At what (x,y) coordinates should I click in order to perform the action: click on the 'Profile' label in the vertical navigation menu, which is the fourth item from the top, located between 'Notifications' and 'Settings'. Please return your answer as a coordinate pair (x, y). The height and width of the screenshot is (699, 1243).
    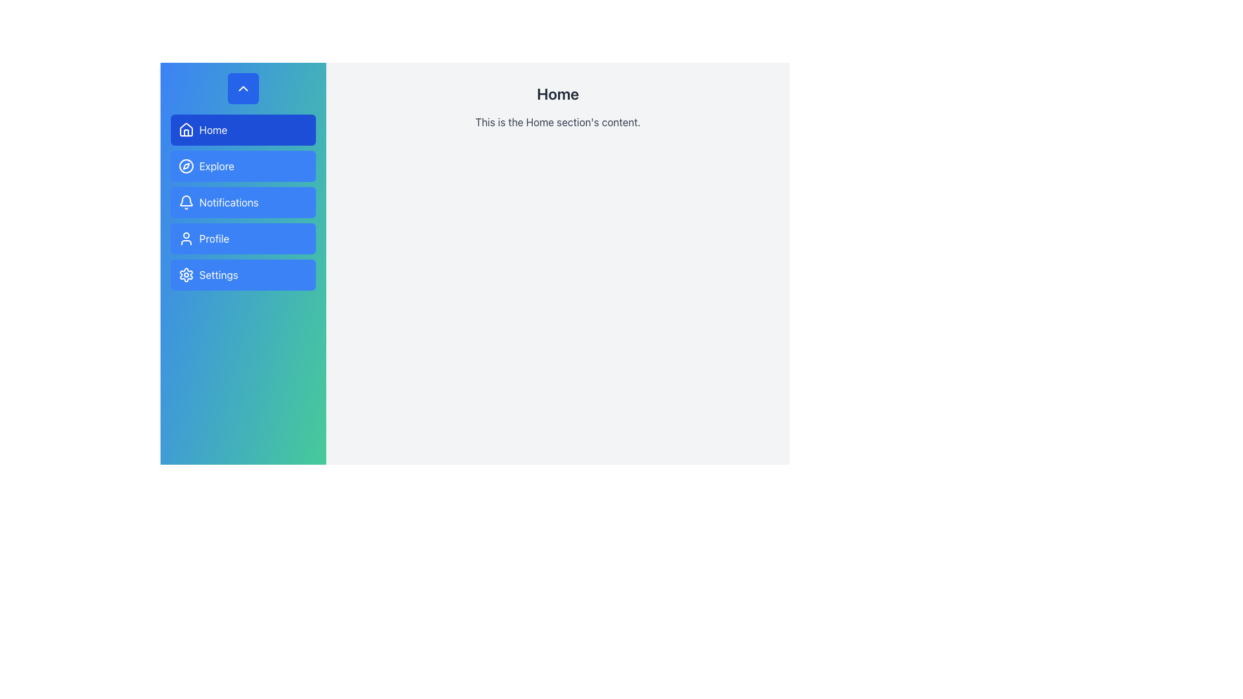
    Looking at the image, I should click on (214, 239).